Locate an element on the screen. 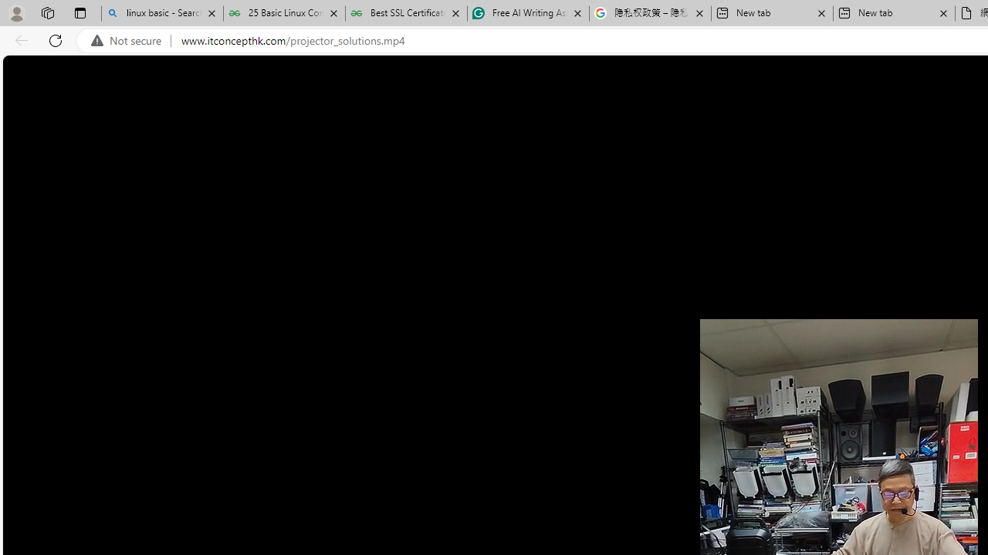 The image size is (988, 555). '25 Basic Linux Commands For Beginners - GeeksforGeeks' is located at coordinates (284, 13).